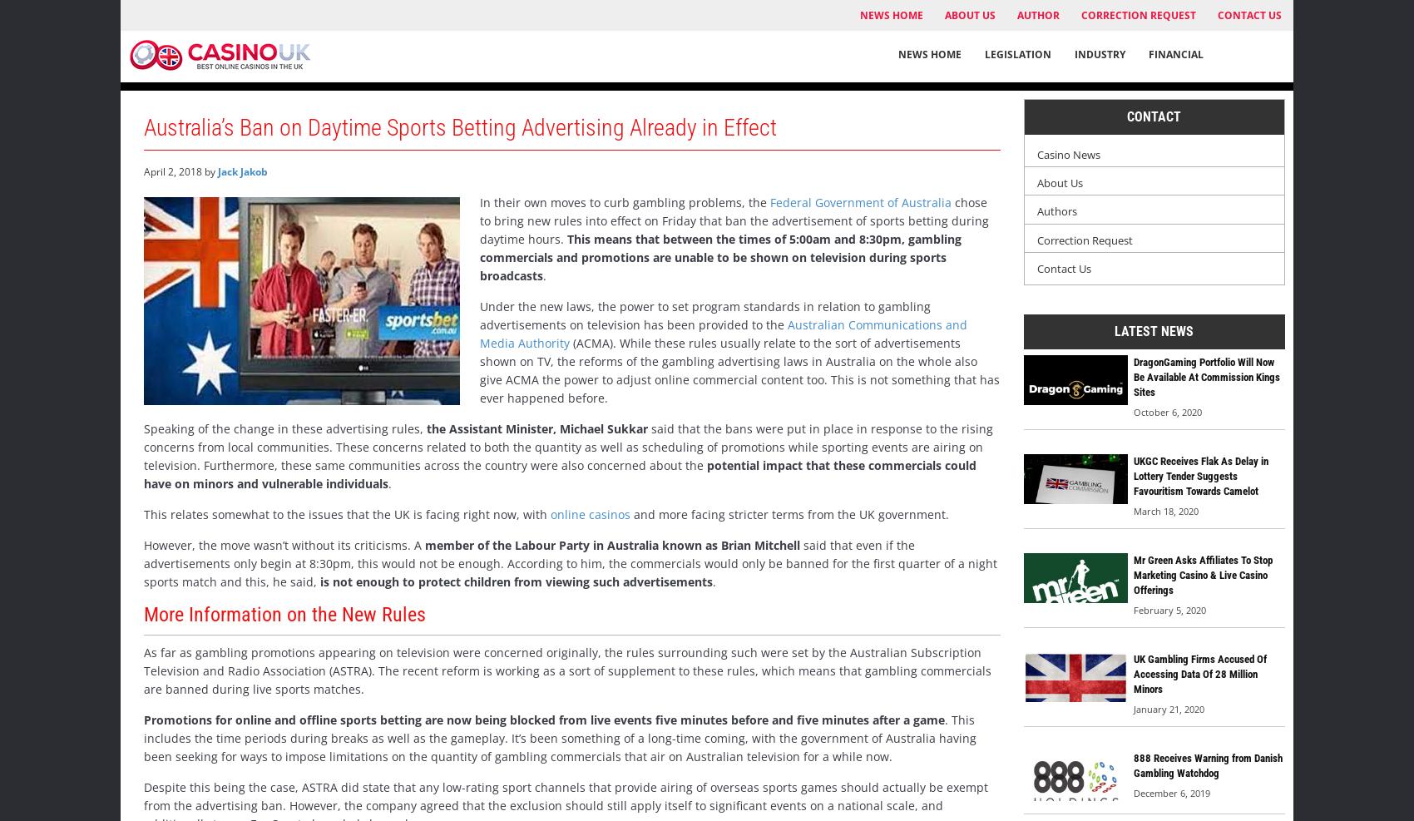 The image size is (1414, 821). Describe the element at coordinates (217, 170) in the screenshot. I see `'Jack Jakob'` at that location.